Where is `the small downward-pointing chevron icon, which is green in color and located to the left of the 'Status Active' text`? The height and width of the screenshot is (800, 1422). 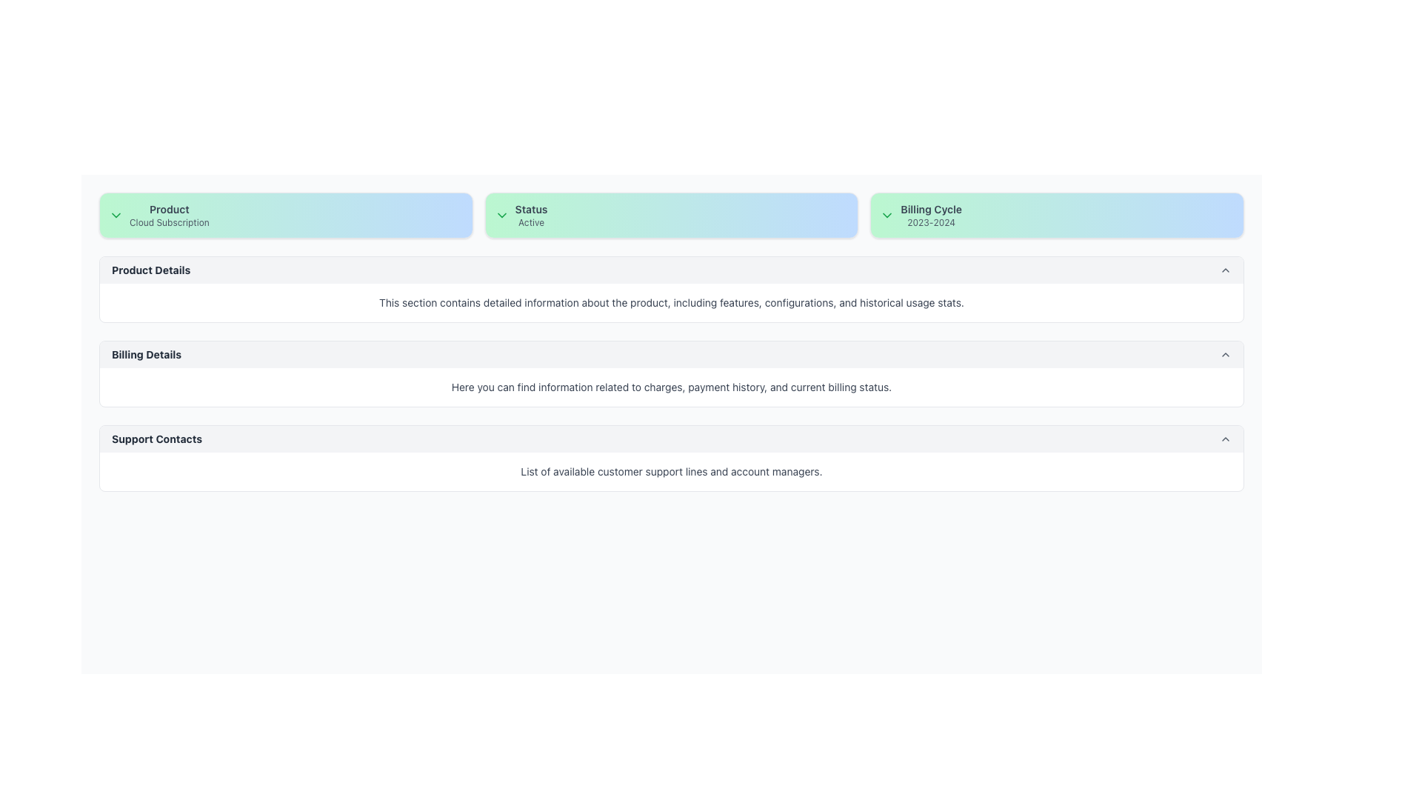
the small downward-pointing chevron icon, which is green in color and located to the left of the 'Status Active' text is located at coordinates (501, 215).